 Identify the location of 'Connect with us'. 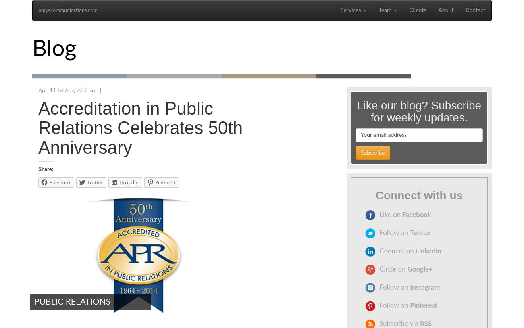
(419, 195).